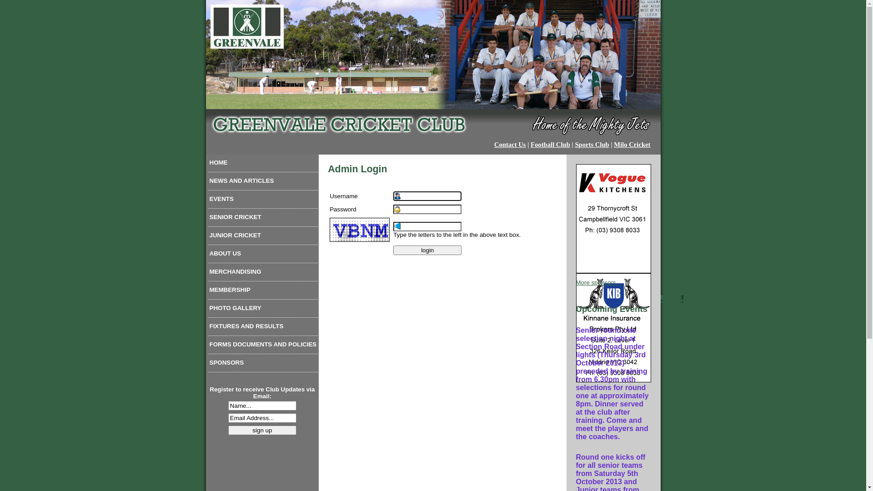  I want to click on 'JUNIOR CRICKET', so click(263, 236).